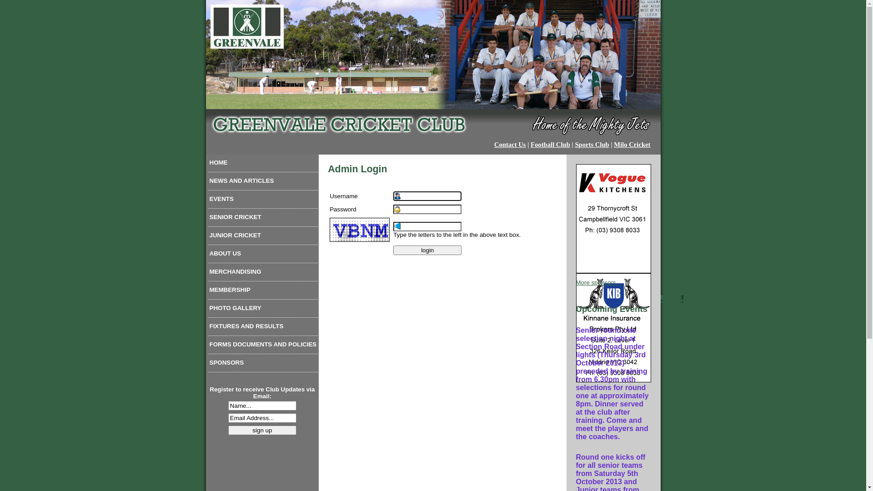  I want to click on 'JUNIOR CRICKET', so click(263, 236).